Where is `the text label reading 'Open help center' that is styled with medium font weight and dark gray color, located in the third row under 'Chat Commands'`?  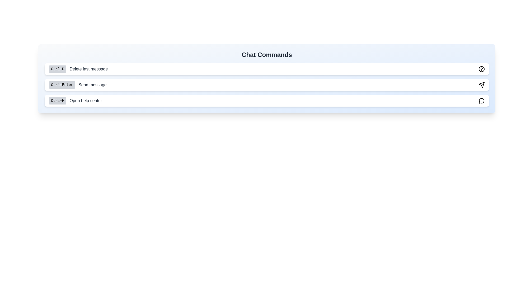 the text label reading 'Open help center' that is styled with medium font weight and dark gray color, located in the third row under 'Chat Commands' is located at coordinates (86, 101).